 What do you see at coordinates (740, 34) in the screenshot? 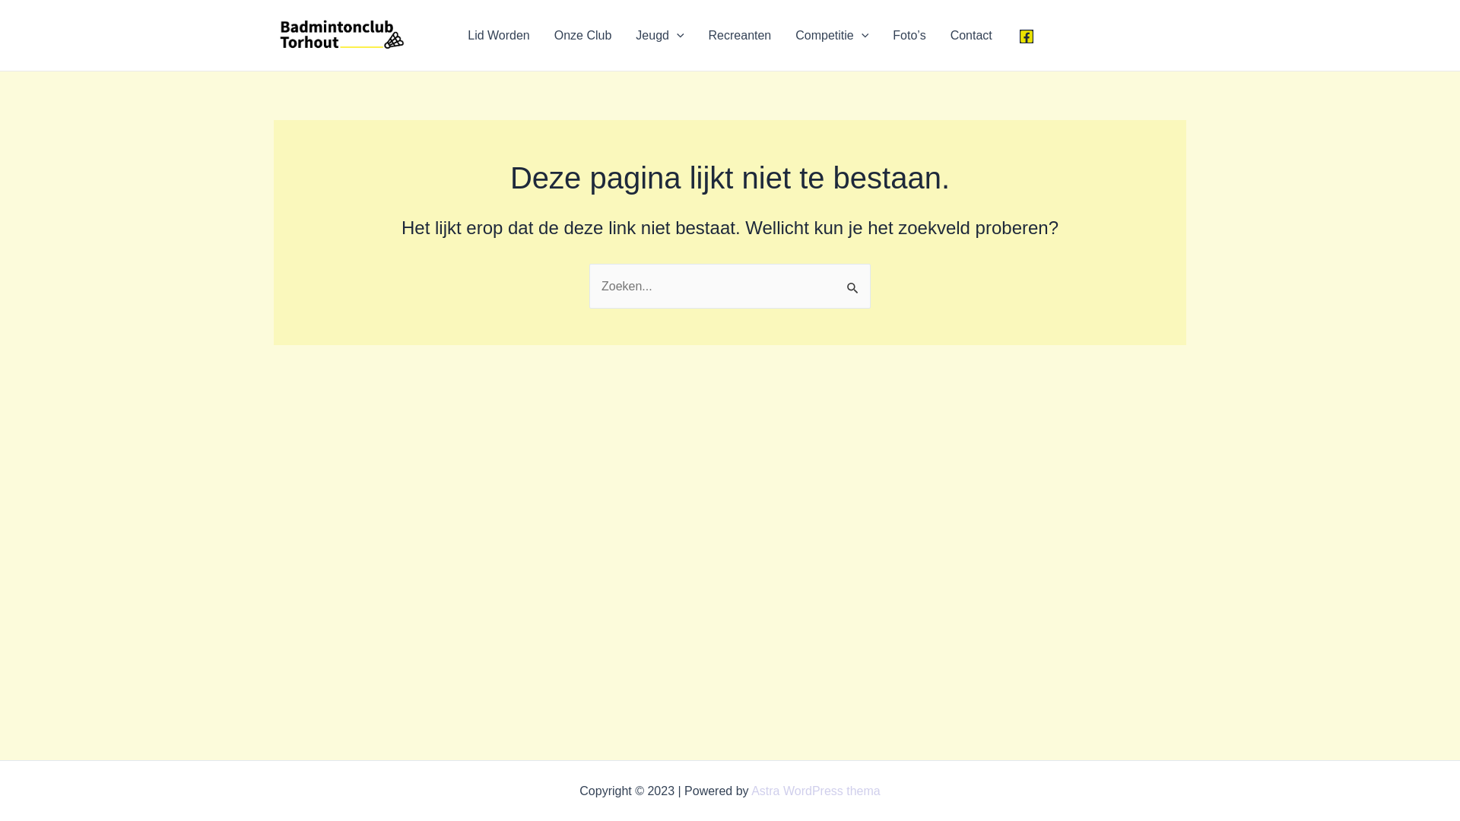
I see `'Recreanten'` at bounding box center [740, 34].